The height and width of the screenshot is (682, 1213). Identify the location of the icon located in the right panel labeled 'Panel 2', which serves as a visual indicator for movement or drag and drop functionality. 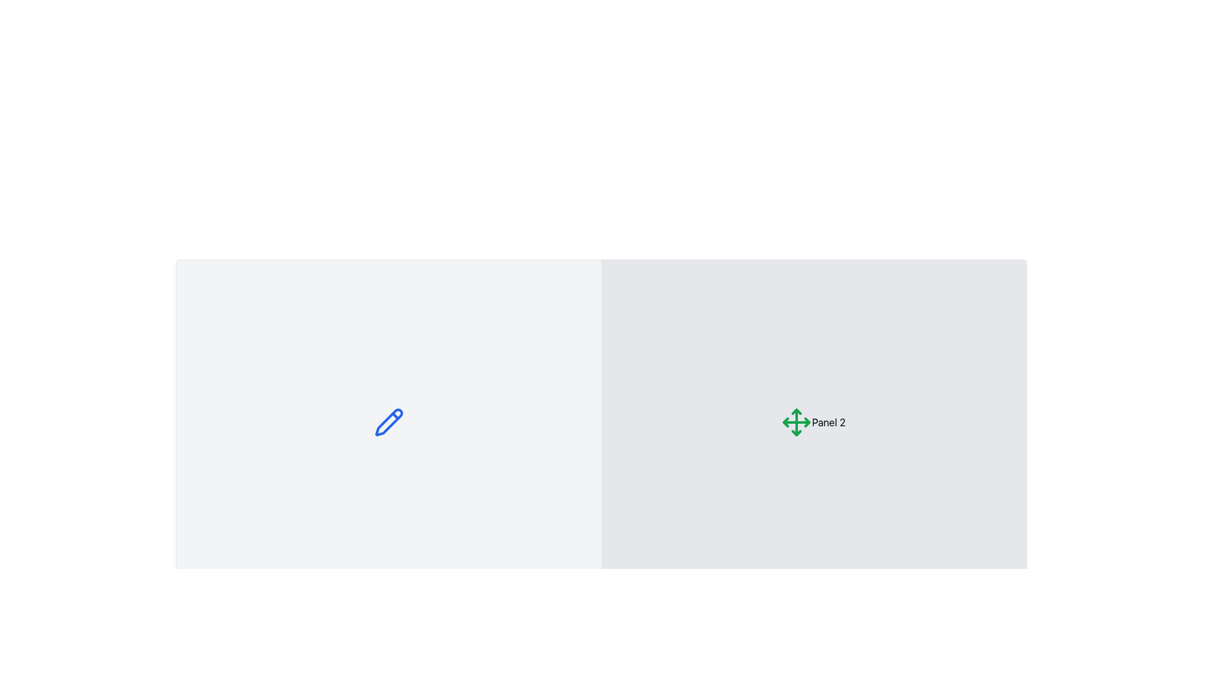
(796, 422).